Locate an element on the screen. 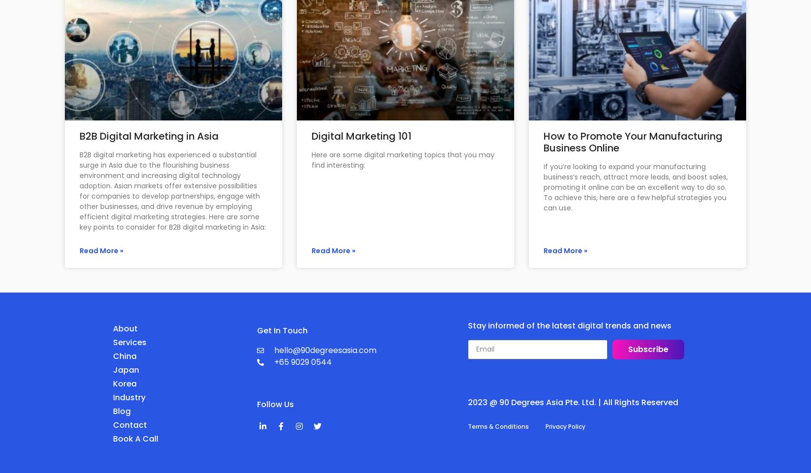 The width and height of the screenshot is (811, 473). 'Subscribe' is located at coordinates (647, 348).